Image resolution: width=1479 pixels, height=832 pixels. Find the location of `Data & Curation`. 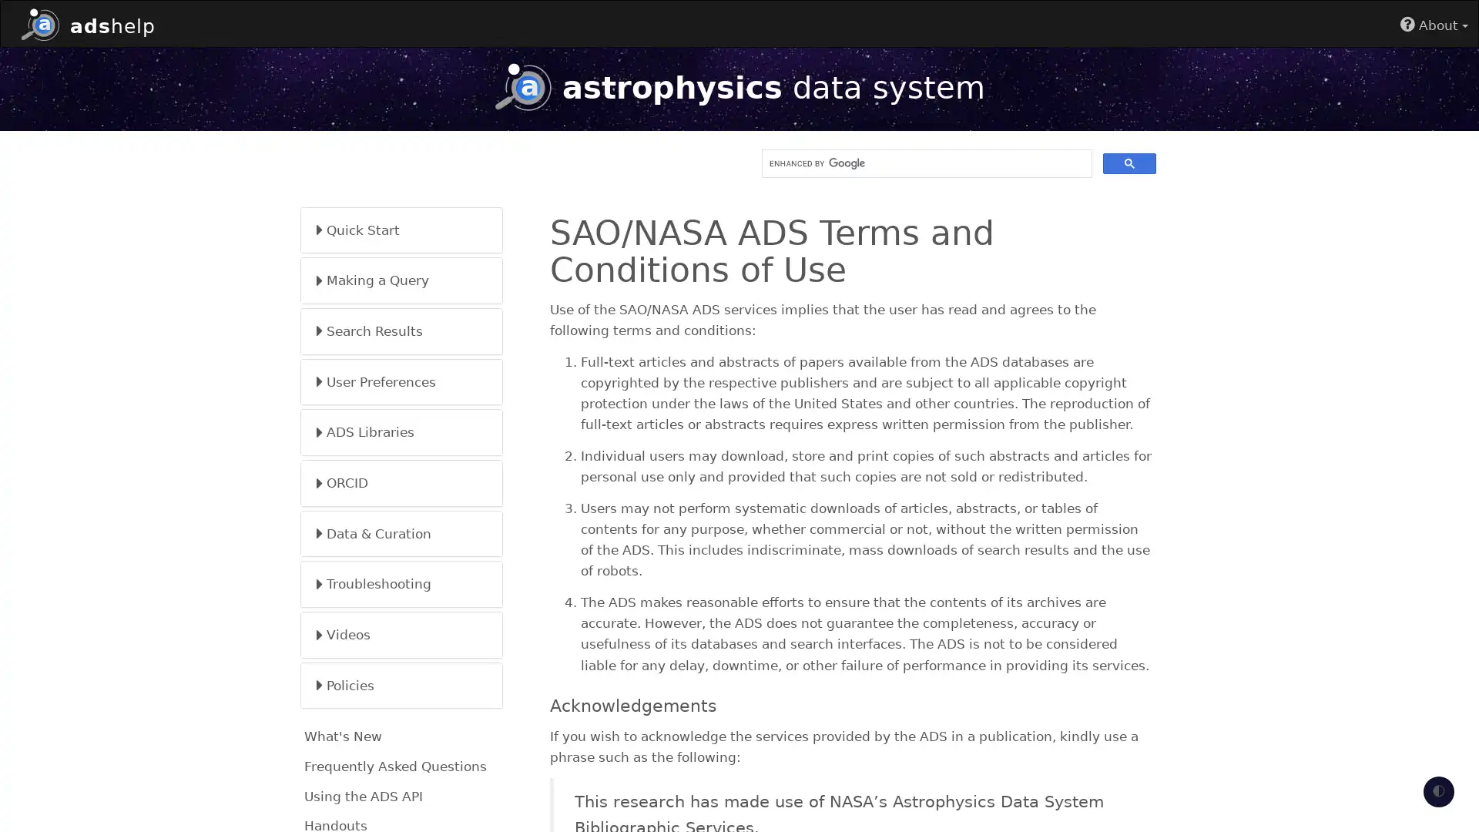

Data & Curation is located at coordinates (401, 532).